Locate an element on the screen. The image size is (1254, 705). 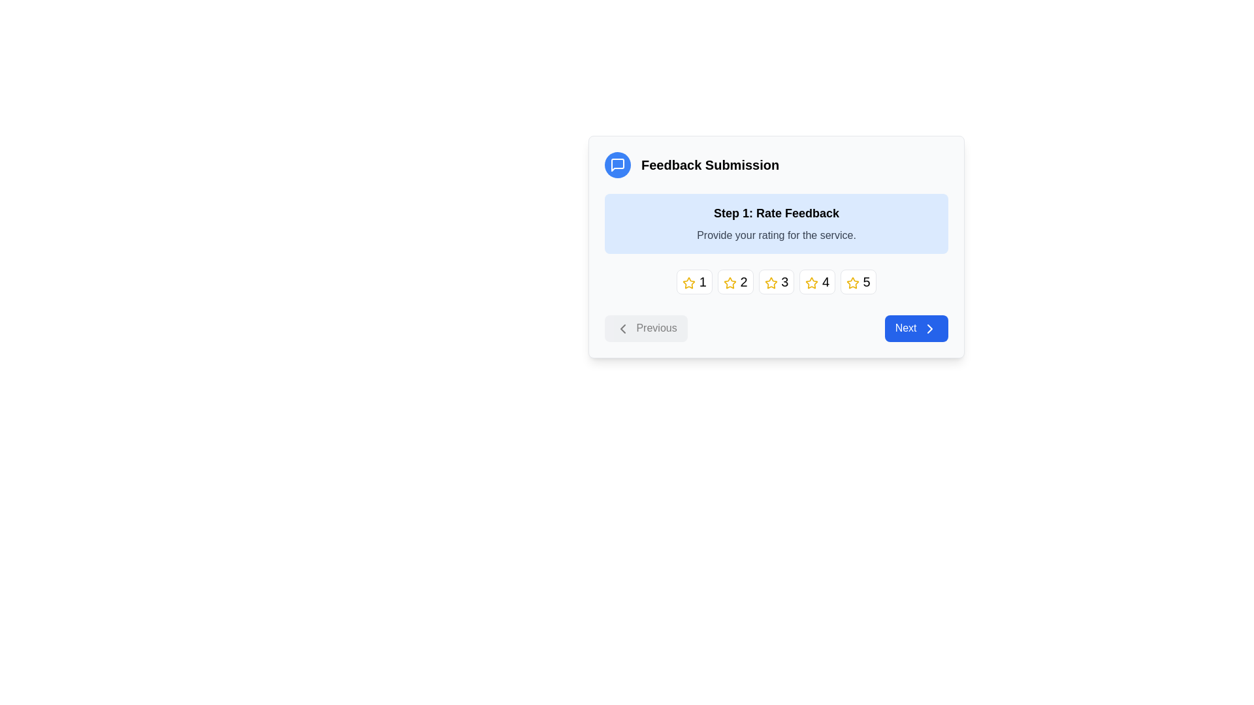
the circular icon with a blue background and a white speech bubble symbol, which is positioned to the left of the text header 'Feedback Submission' is located at coordinates (617, 164).